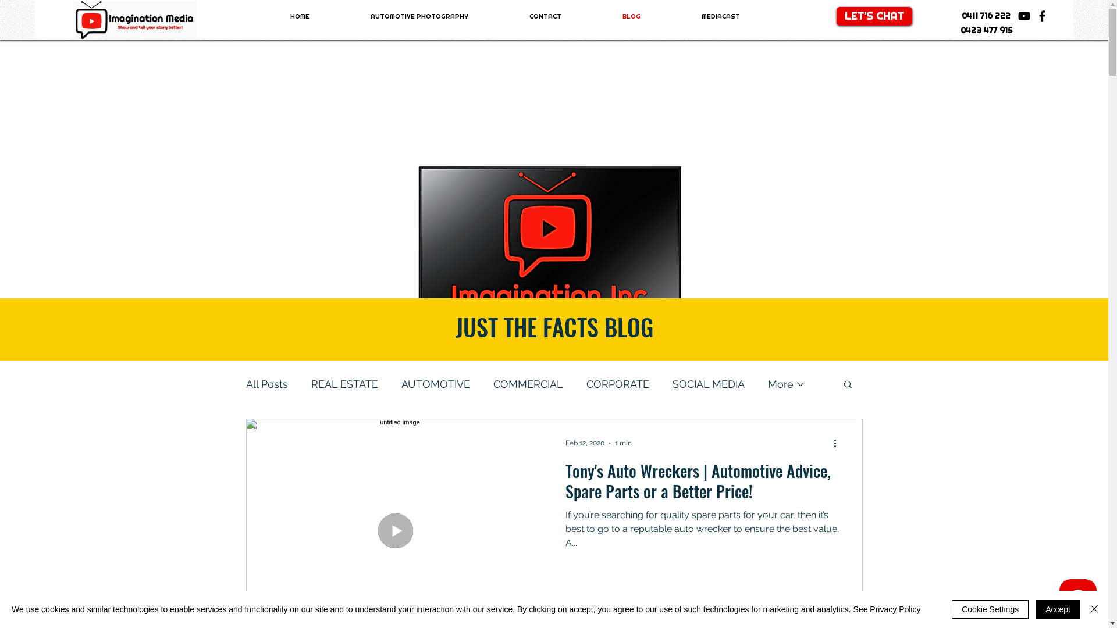 The height and width of the screenshot is (628, 1117). What do you see at coordinates (1036, 609) in the screenshot?
I see `'Accept'` at bounding box center [1036, 609].